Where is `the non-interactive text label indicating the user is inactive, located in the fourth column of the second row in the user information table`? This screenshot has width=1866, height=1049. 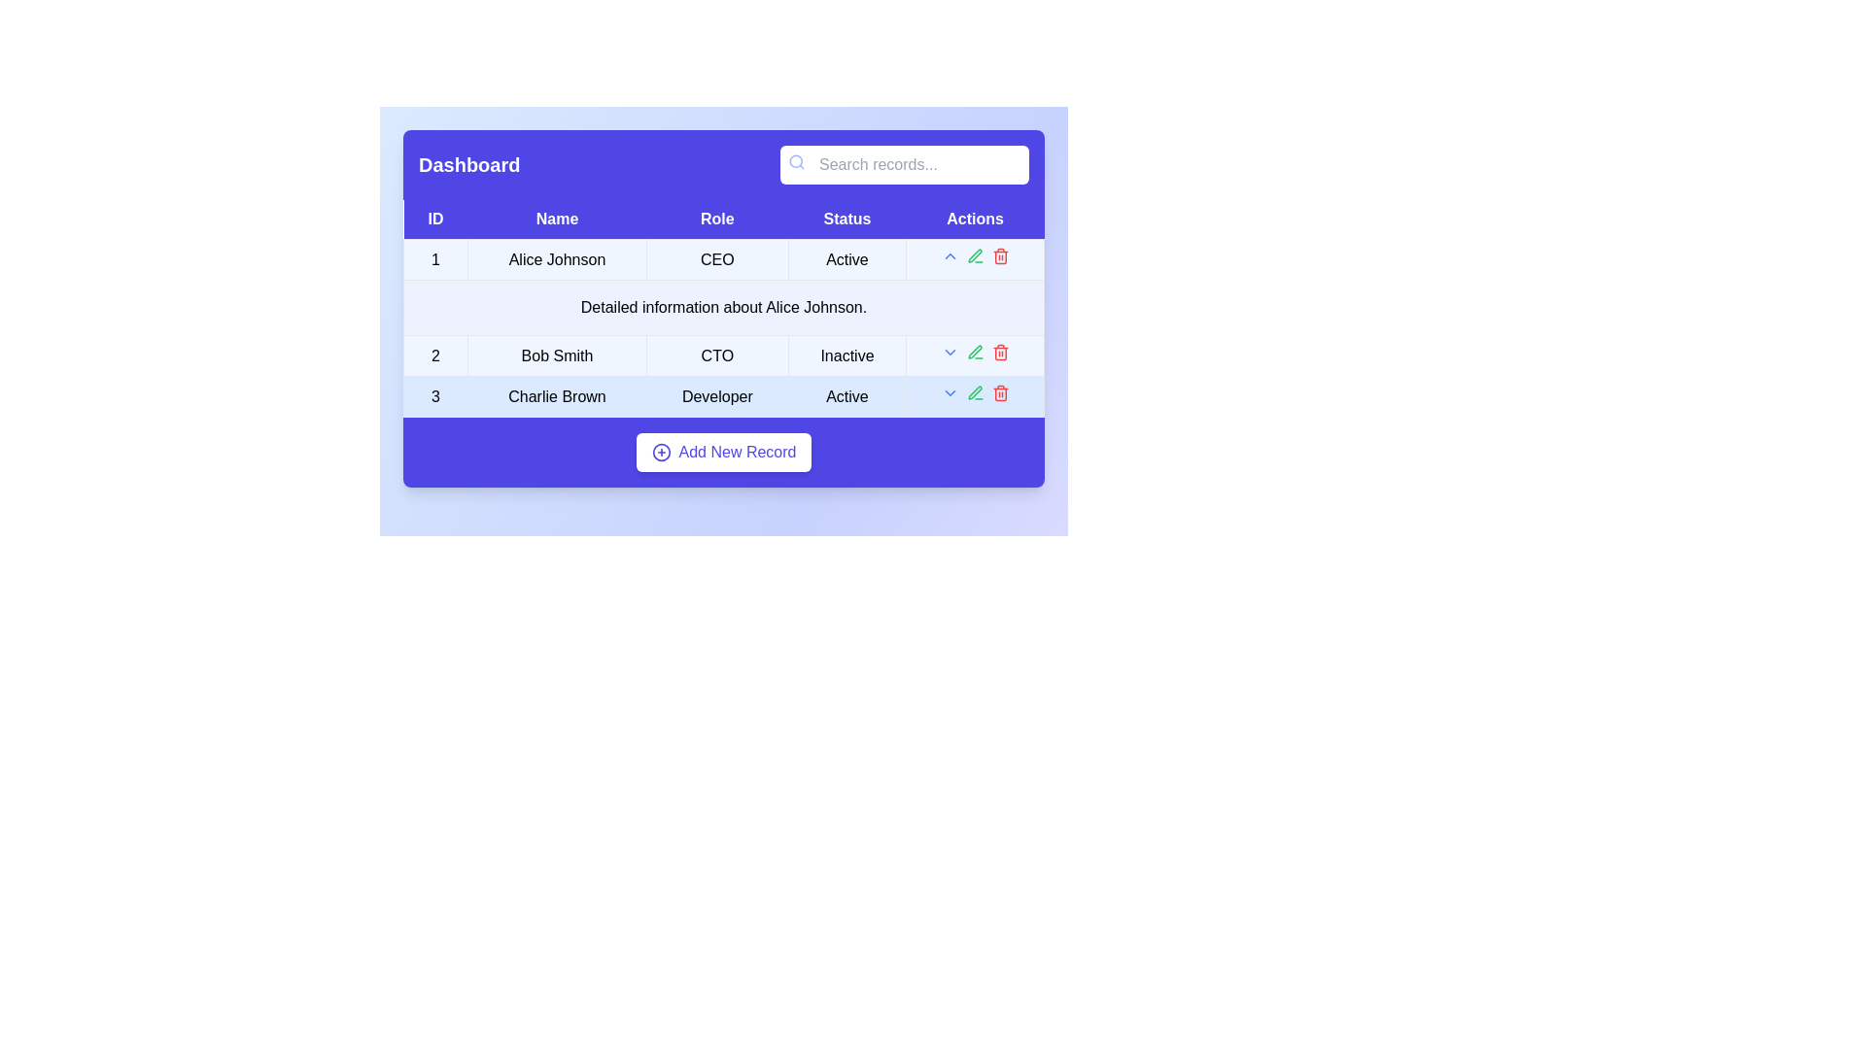
the non-interactive text label indicating the user is inactive, located in the fourth column of the second row in the user information table is located at coordinates (847, 355).